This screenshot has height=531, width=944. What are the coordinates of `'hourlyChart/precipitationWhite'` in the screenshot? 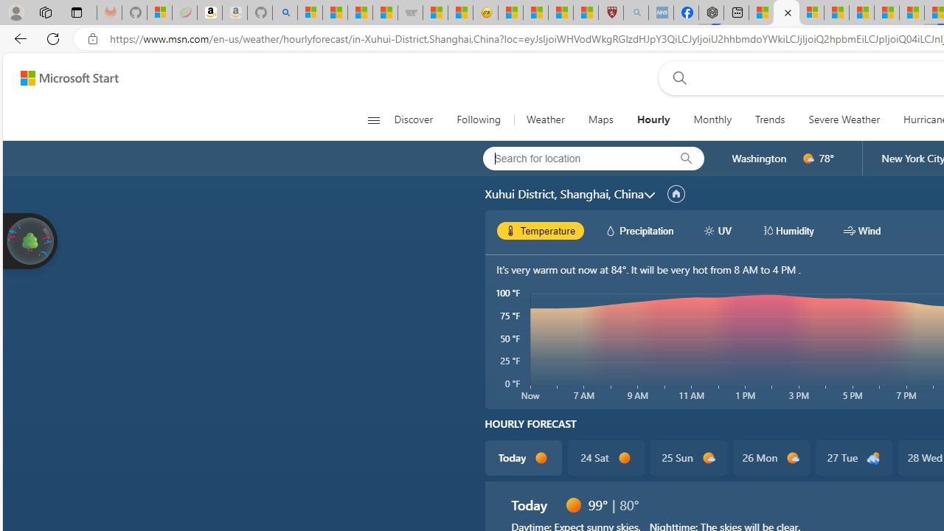 It's located at (611, 230).